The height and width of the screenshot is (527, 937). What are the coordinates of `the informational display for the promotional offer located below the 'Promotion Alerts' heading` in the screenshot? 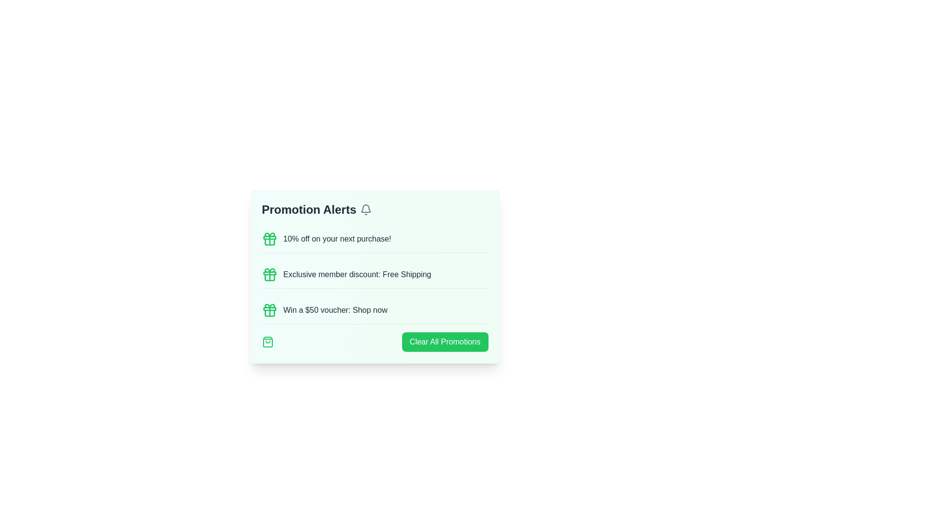 It's located at (374, 239).